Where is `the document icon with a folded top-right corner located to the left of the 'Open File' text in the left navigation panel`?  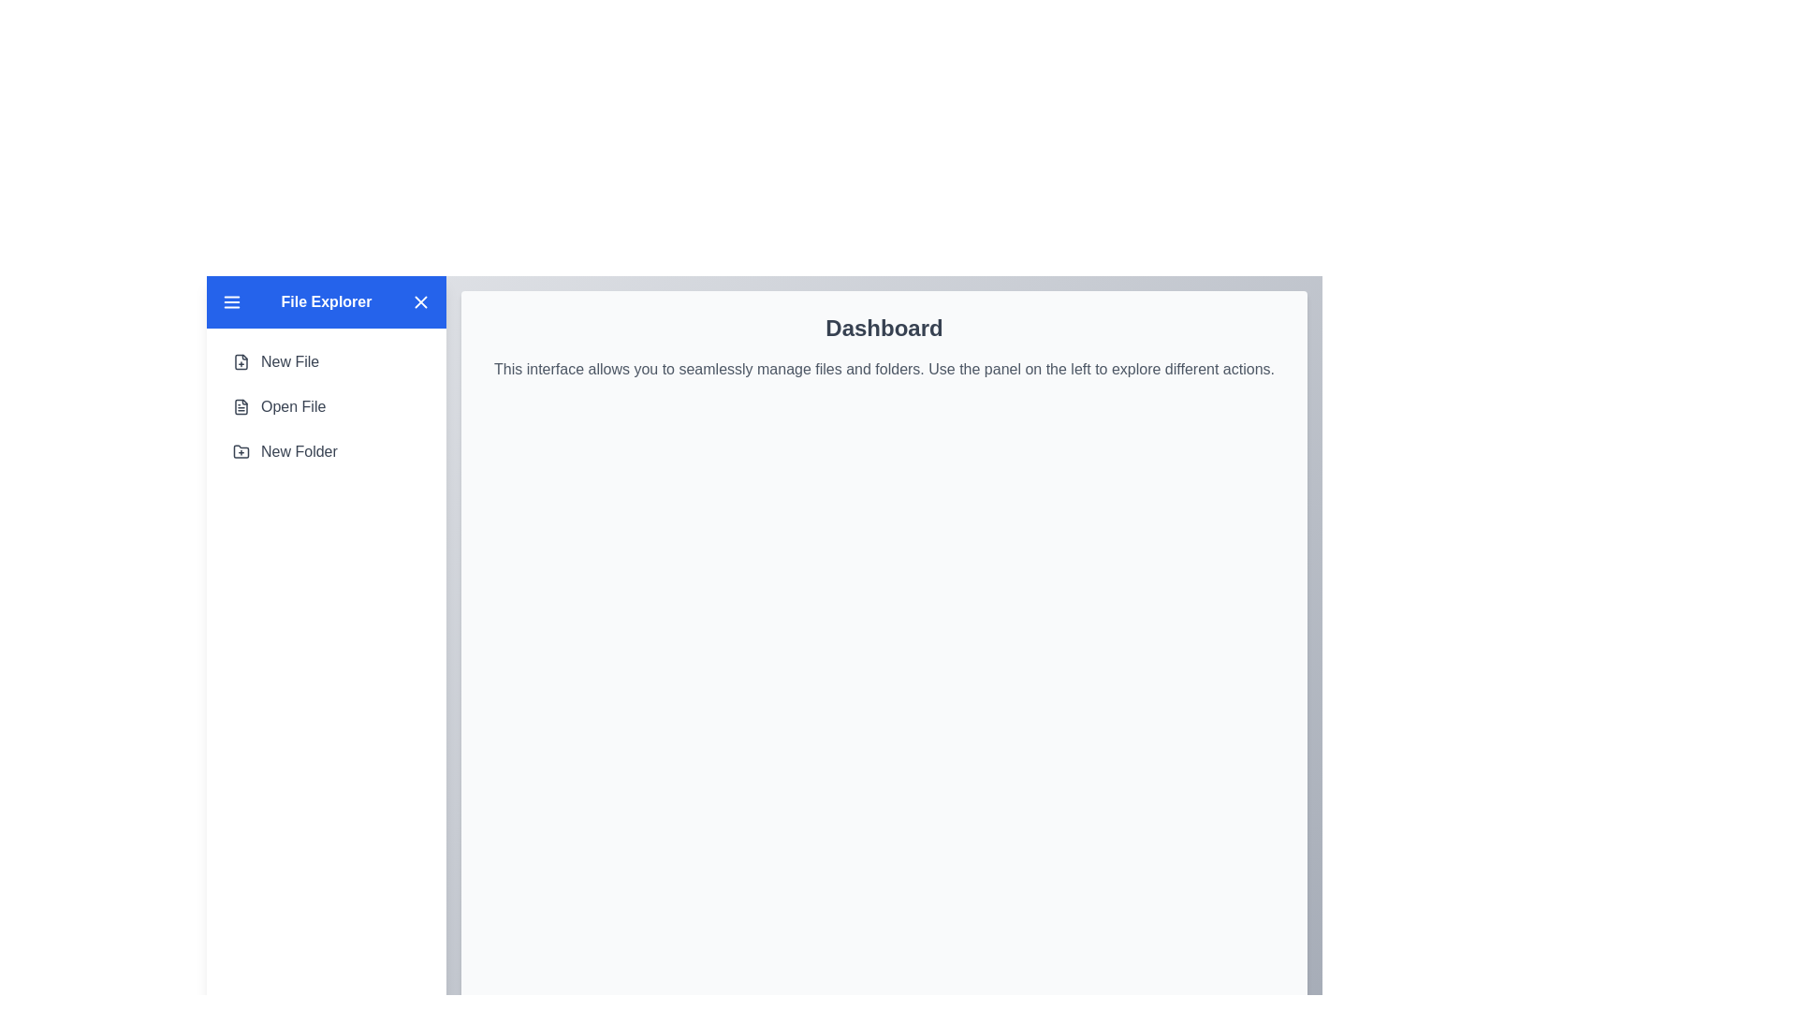
the document icon with a folded top-right corner located to the left of the 'Open File' text in the left navigation panel is located at coordinates (241, 406).